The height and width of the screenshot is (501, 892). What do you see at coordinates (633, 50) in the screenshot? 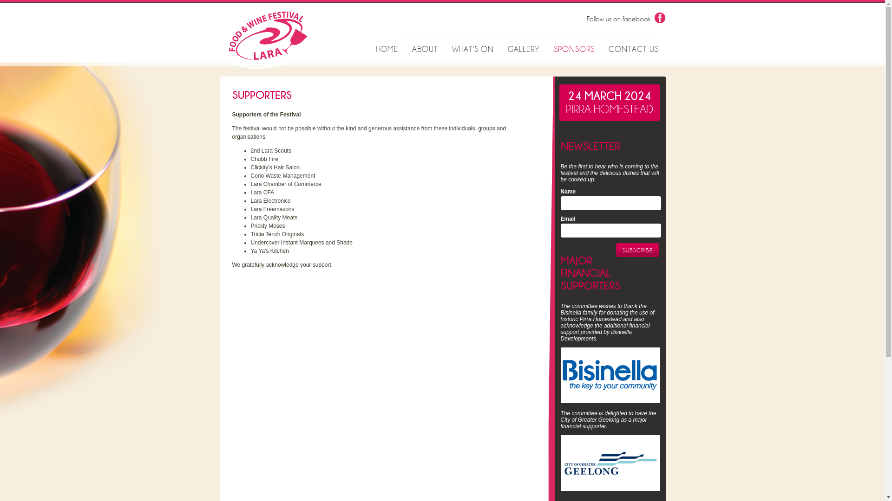
I see `'CONTACT US'` at bounding box center [633, 50].